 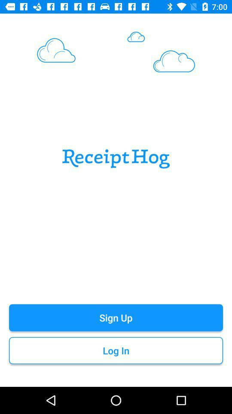 What do you see at coordinates (116, 317) in the screenshot?
I see `icon above the log in` at bounding box center [116, 317].